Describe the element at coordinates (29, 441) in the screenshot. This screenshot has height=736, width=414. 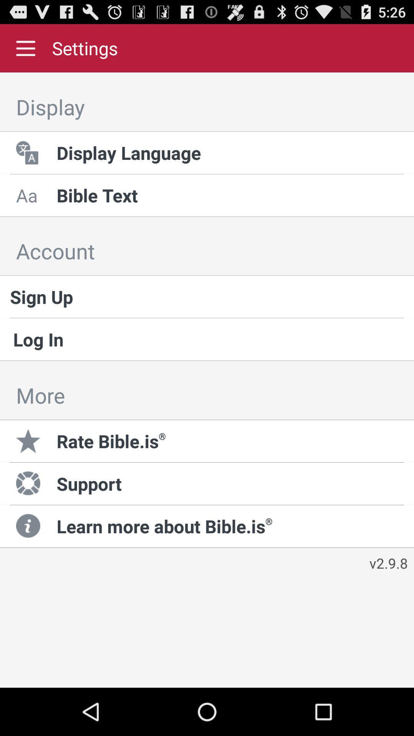
I see `the star icon` at that location.